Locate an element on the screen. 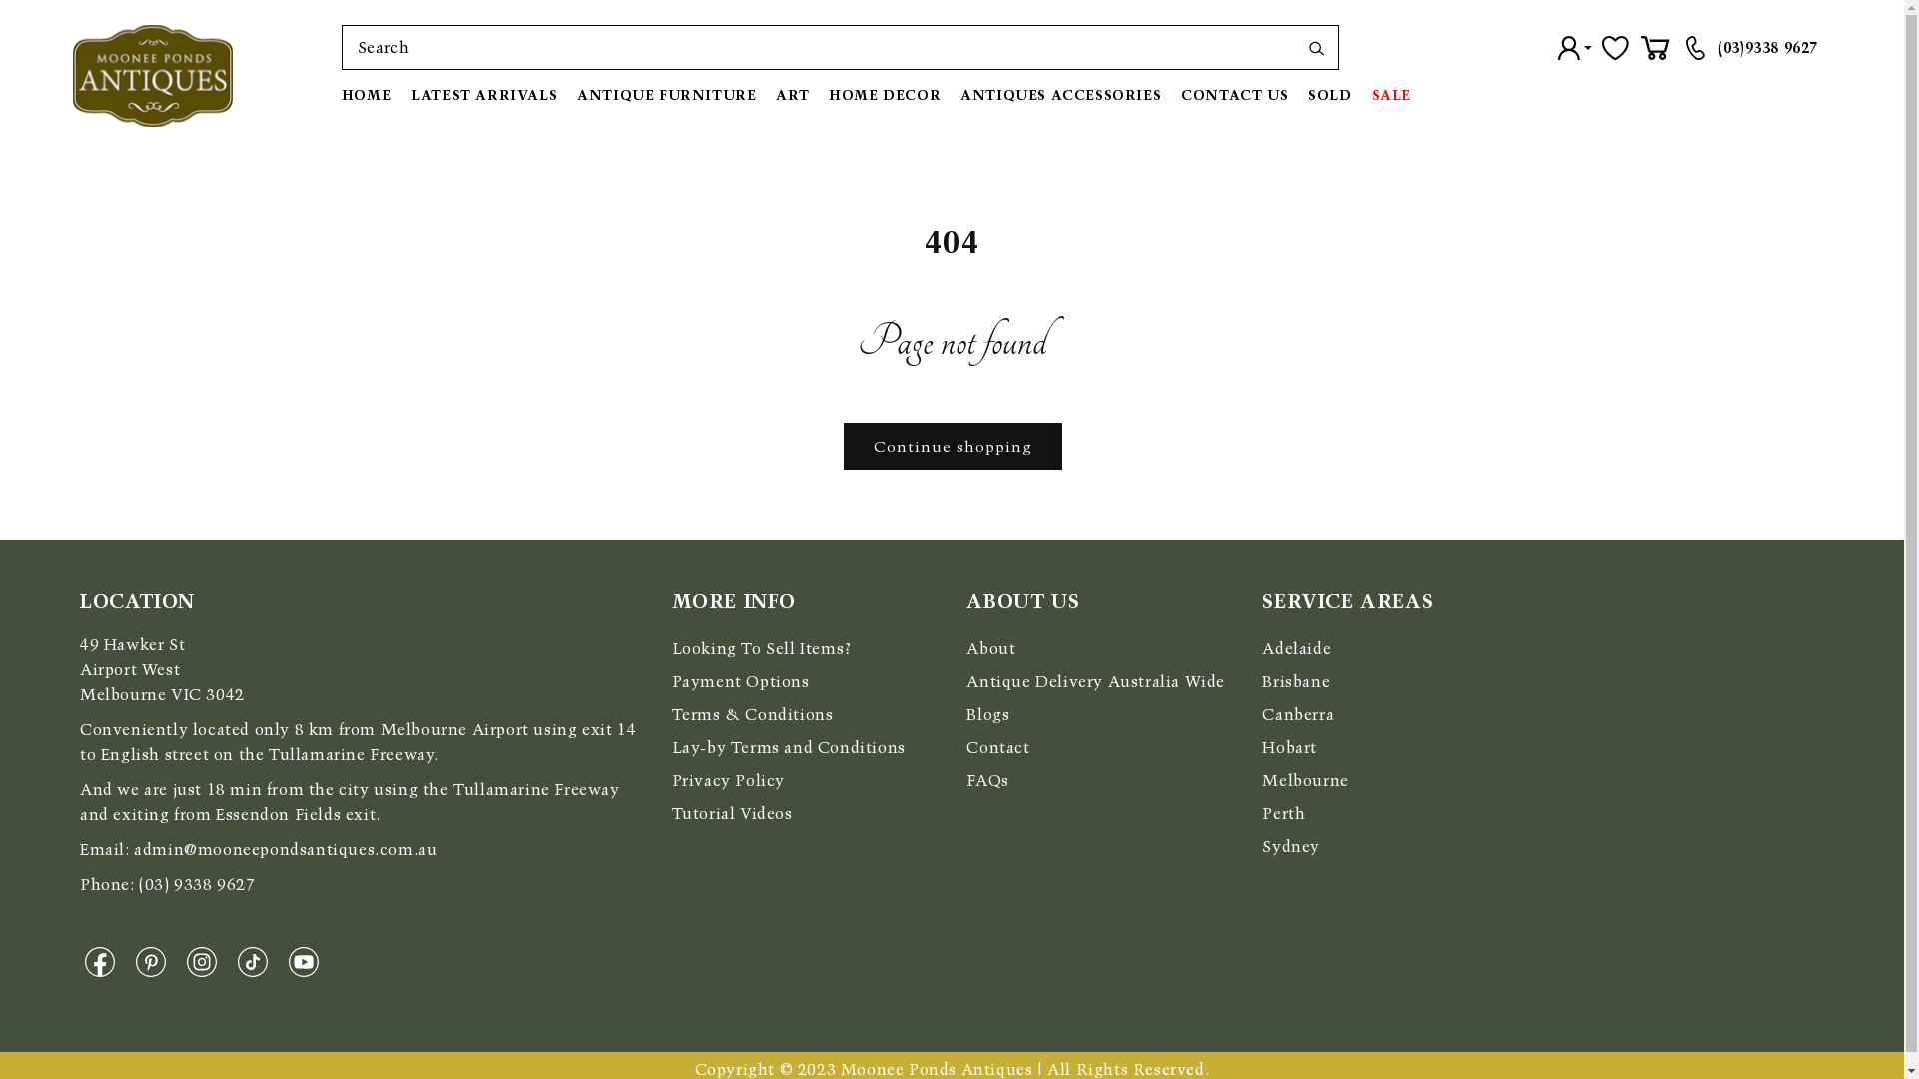 The height and width of the screenshot is (1079, 1919). 'Sydney' is located at coordinates (1290, 846).